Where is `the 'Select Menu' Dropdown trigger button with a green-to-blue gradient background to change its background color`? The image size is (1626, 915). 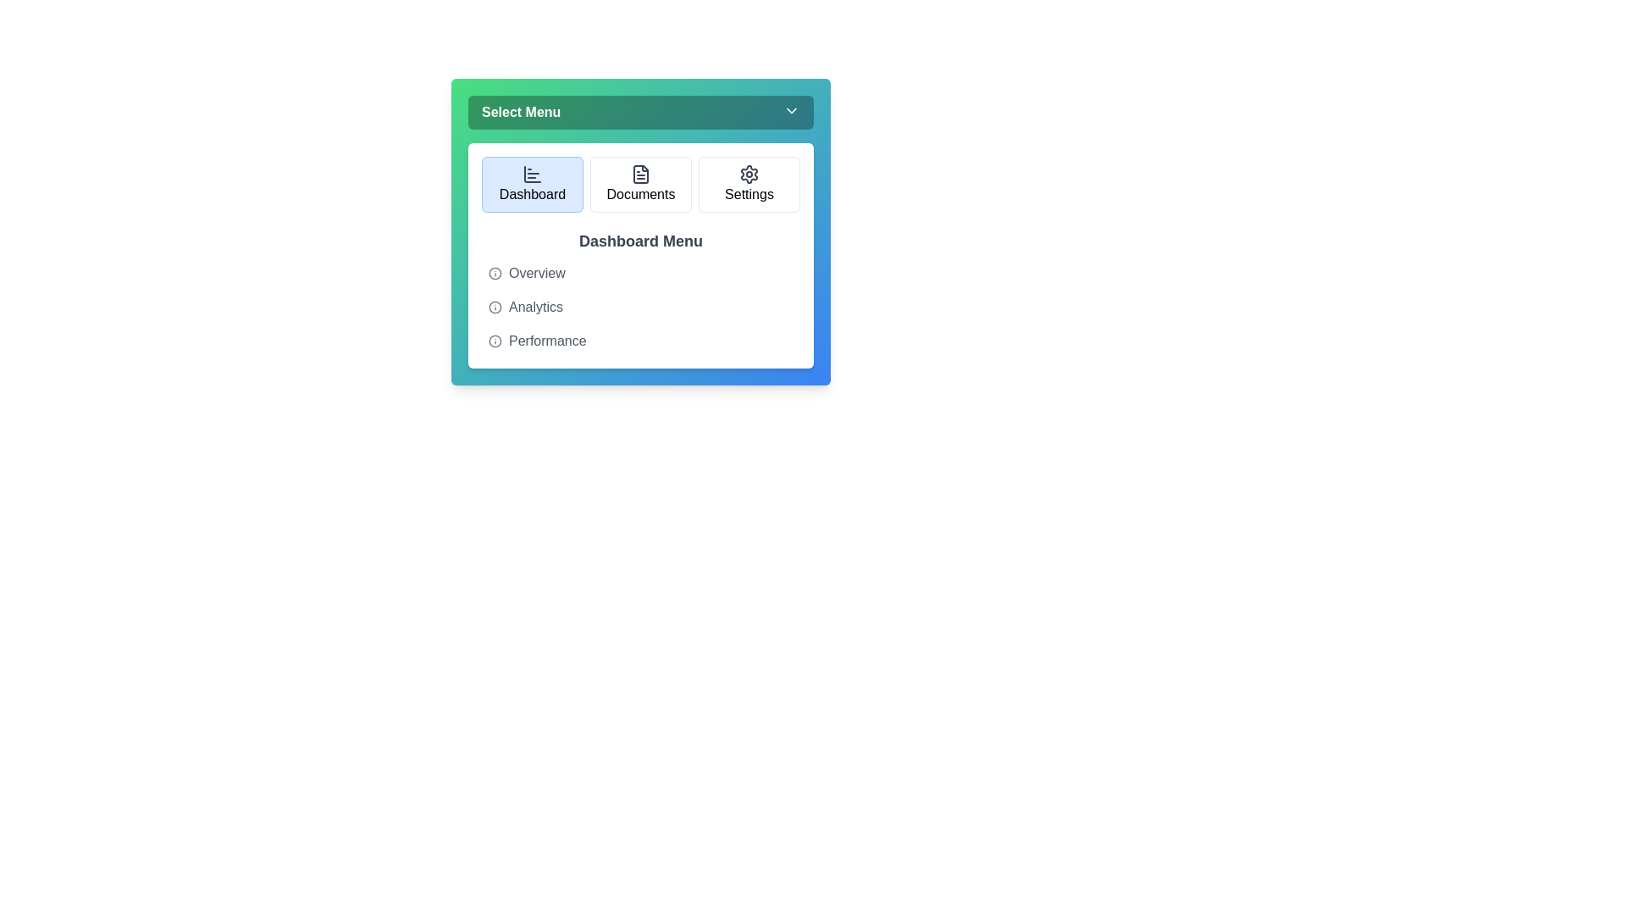 the 'Select Menu' Dropdown trigger button with a green-to-blue gradient background to change its background color is located at coordinates (640, 112).